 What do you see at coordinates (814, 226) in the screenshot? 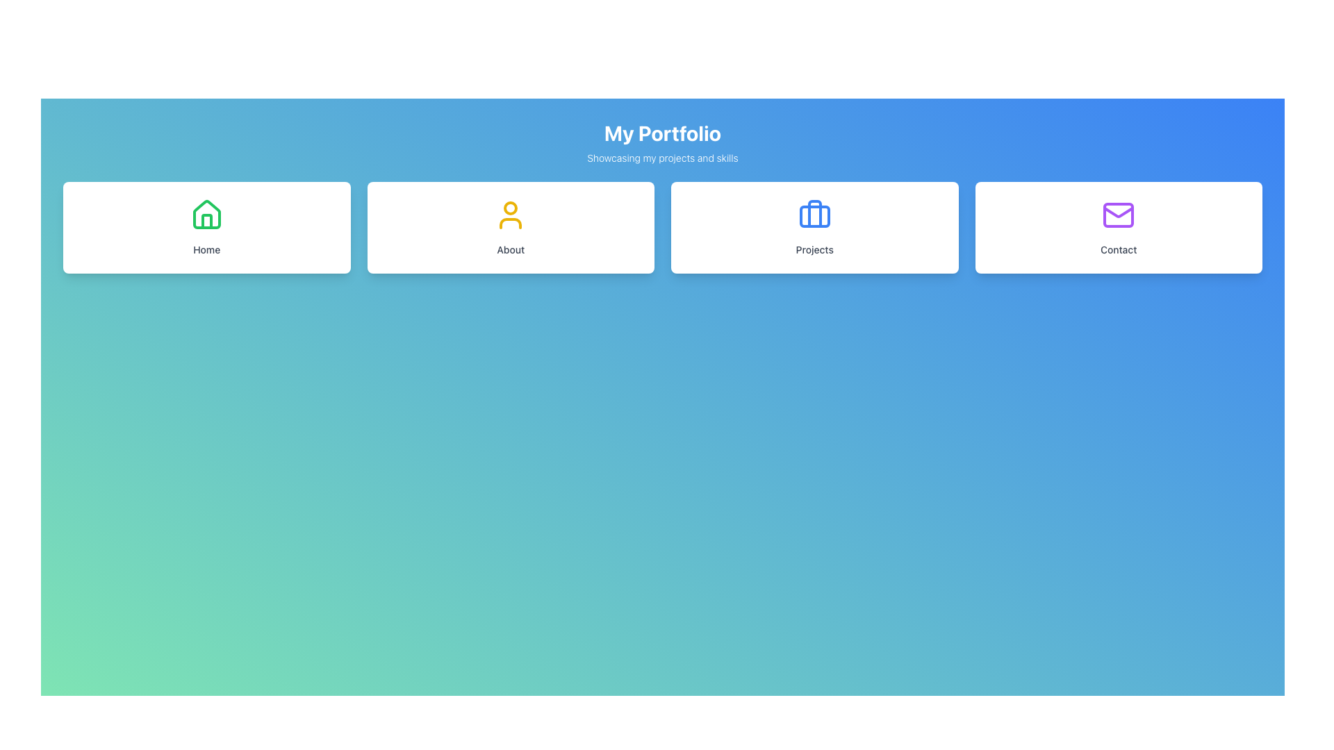
I see `the third card in a horizontal grid of four cards` at bounding box center [814, 226].